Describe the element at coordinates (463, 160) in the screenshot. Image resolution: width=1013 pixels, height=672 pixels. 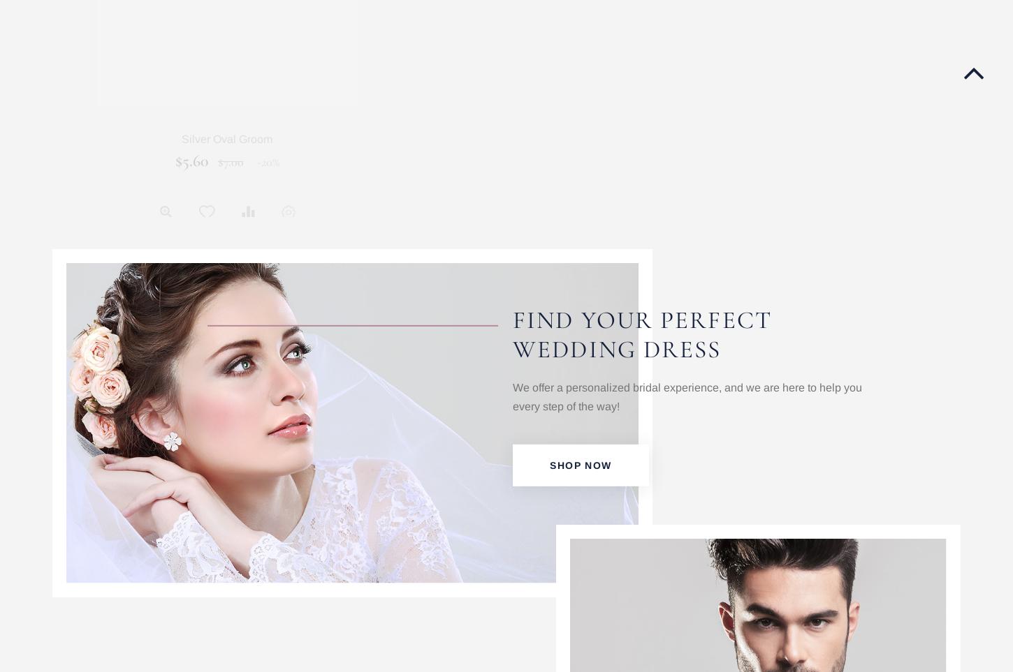
I see `'$240.00'` at that location.